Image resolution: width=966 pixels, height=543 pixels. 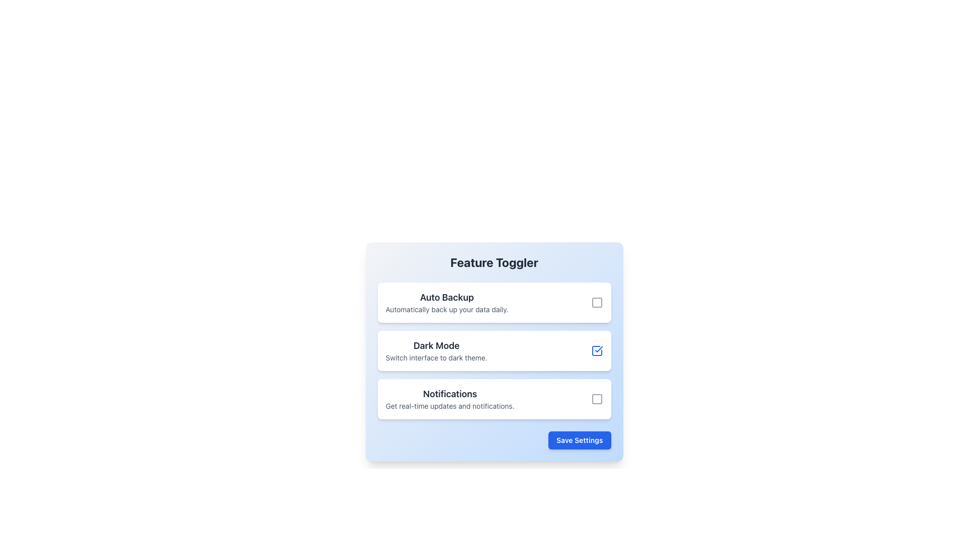 What do you see at coordinates (446, 309) in the screenshot?
I see `the text label that reads 'Automatically back up your data daily.', which is located below the title 'Auto Backup' in the settings panel` at bounding box center [446, 309].